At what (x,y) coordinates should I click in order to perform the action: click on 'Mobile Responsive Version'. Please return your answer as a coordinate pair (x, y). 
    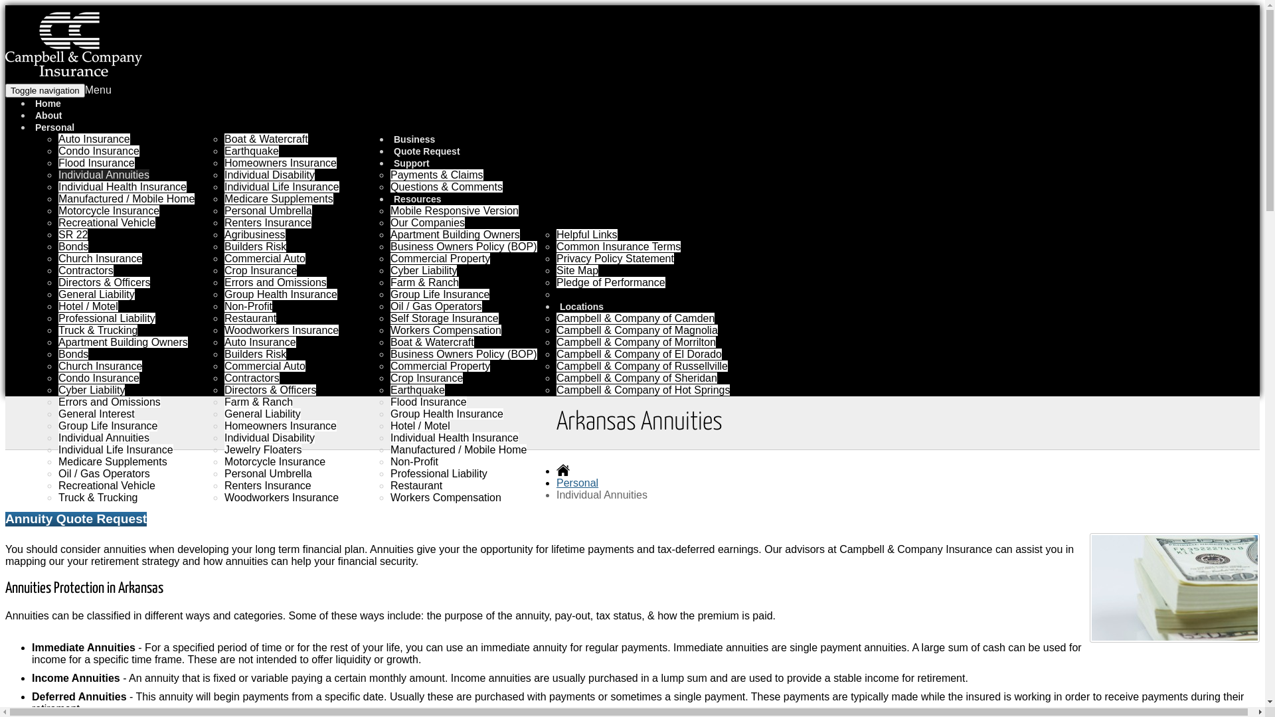
    Looking at the image, I should click on (454, 210).